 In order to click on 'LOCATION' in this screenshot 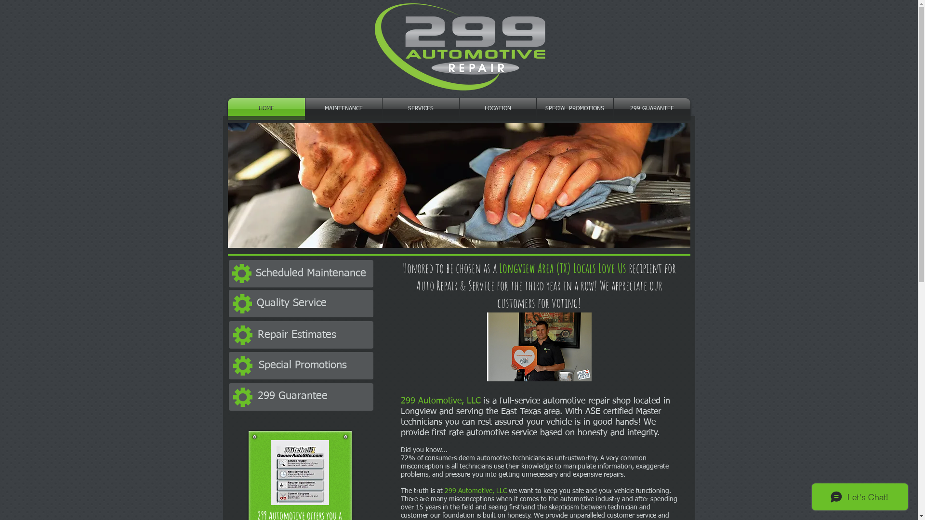, I will do `click(498, 108)`.